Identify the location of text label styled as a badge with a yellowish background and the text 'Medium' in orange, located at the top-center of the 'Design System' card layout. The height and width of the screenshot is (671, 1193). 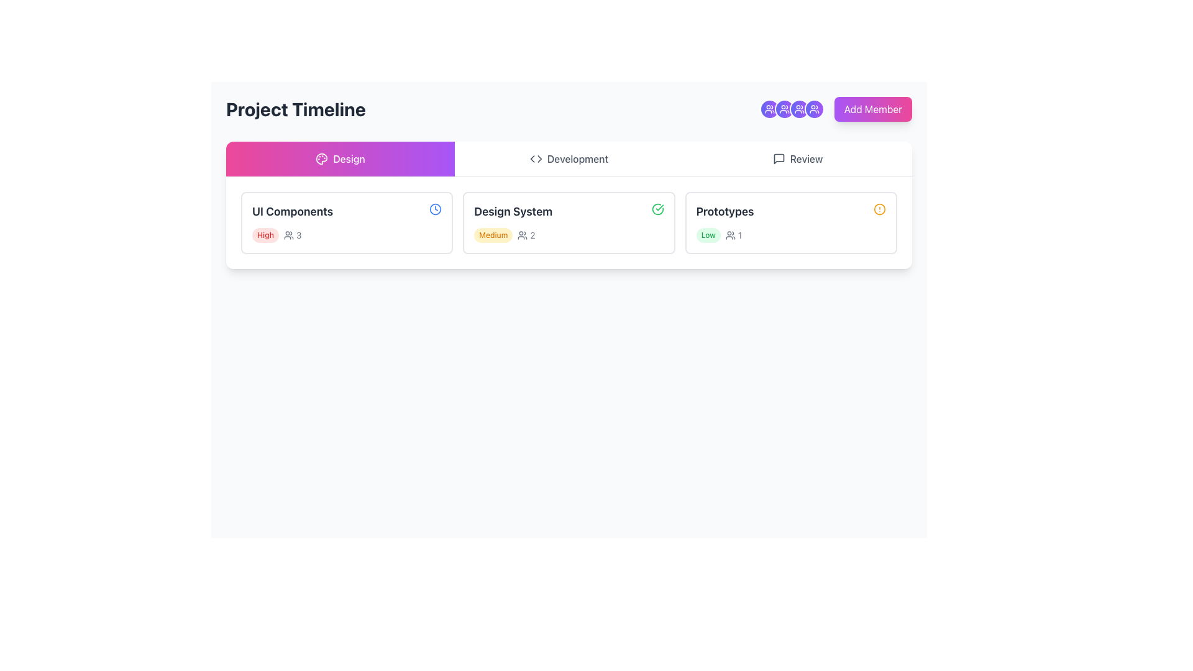
(493, 235).